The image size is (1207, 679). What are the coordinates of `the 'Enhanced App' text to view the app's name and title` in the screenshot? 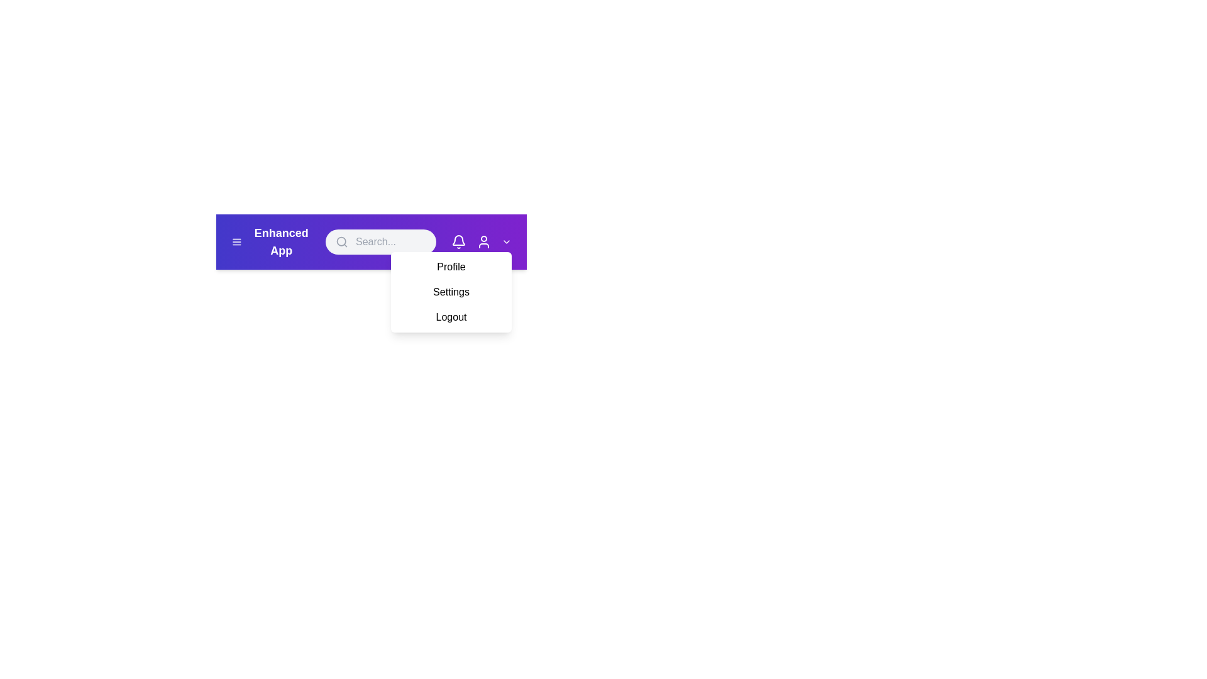 It's located at (280, 242).